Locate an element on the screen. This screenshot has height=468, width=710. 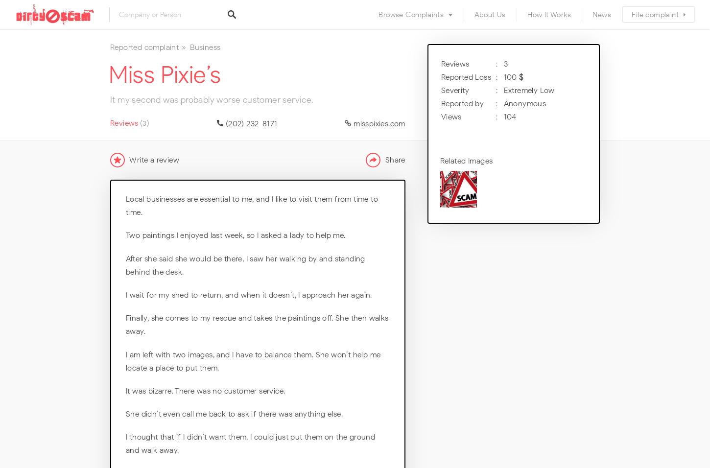
'Extremely Low' is located at coordinates (528, 90).